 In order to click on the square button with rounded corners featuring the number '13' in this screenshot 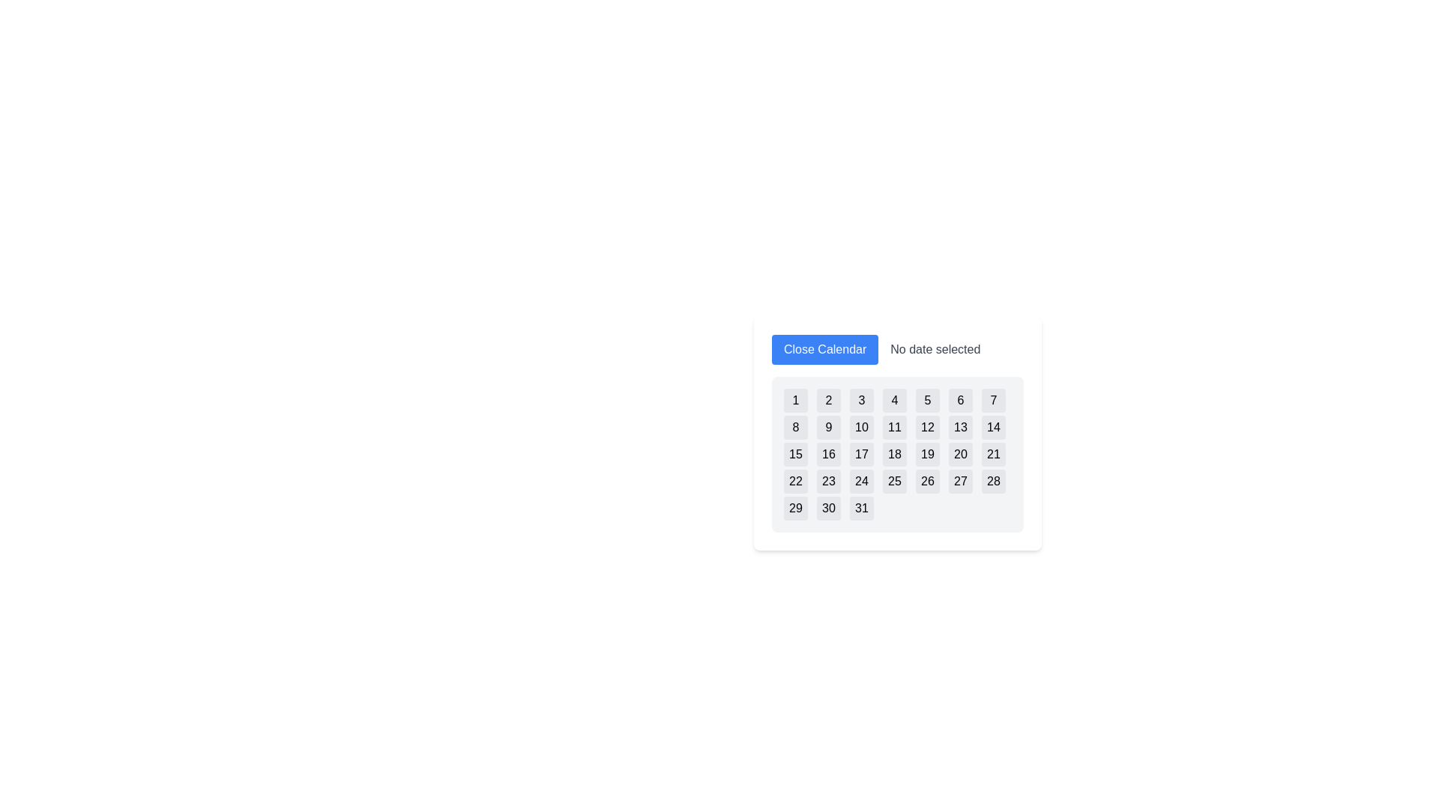, I will do `click(960, 427)`.